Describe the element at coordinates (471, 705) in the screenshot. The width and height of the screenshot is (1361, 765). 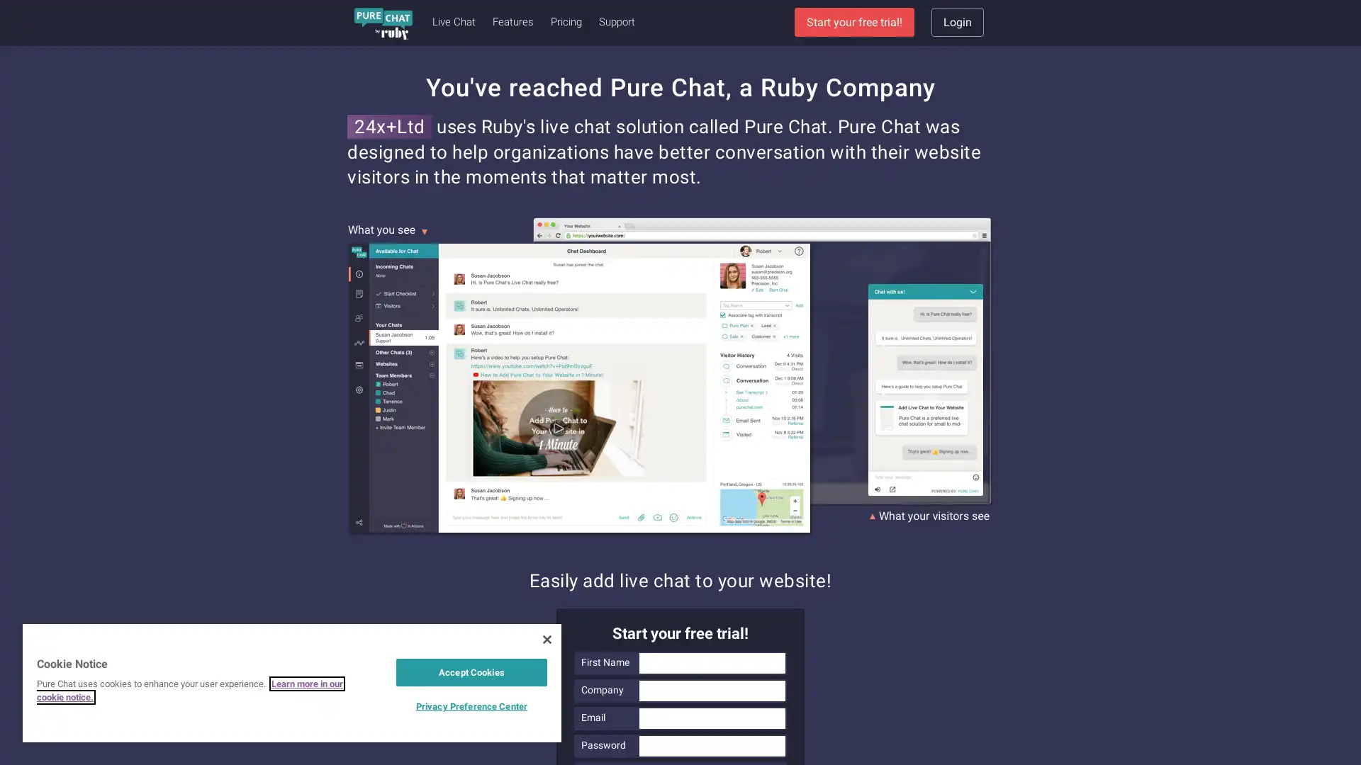
I see `Privacy Preference Center` at that location.